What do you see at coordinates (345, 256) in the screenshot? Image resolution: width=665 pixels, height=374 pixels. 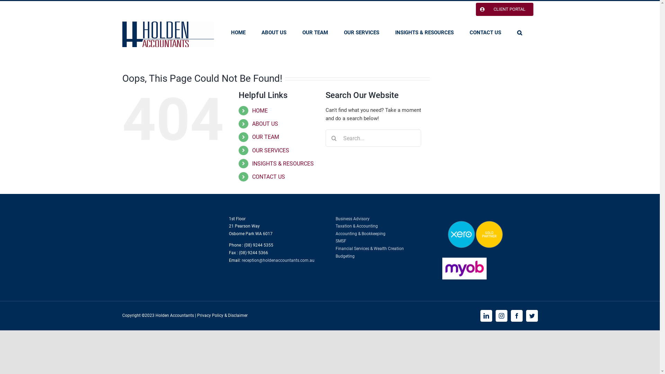 I see `'Budgeting'` at bounding box center [345, 256].